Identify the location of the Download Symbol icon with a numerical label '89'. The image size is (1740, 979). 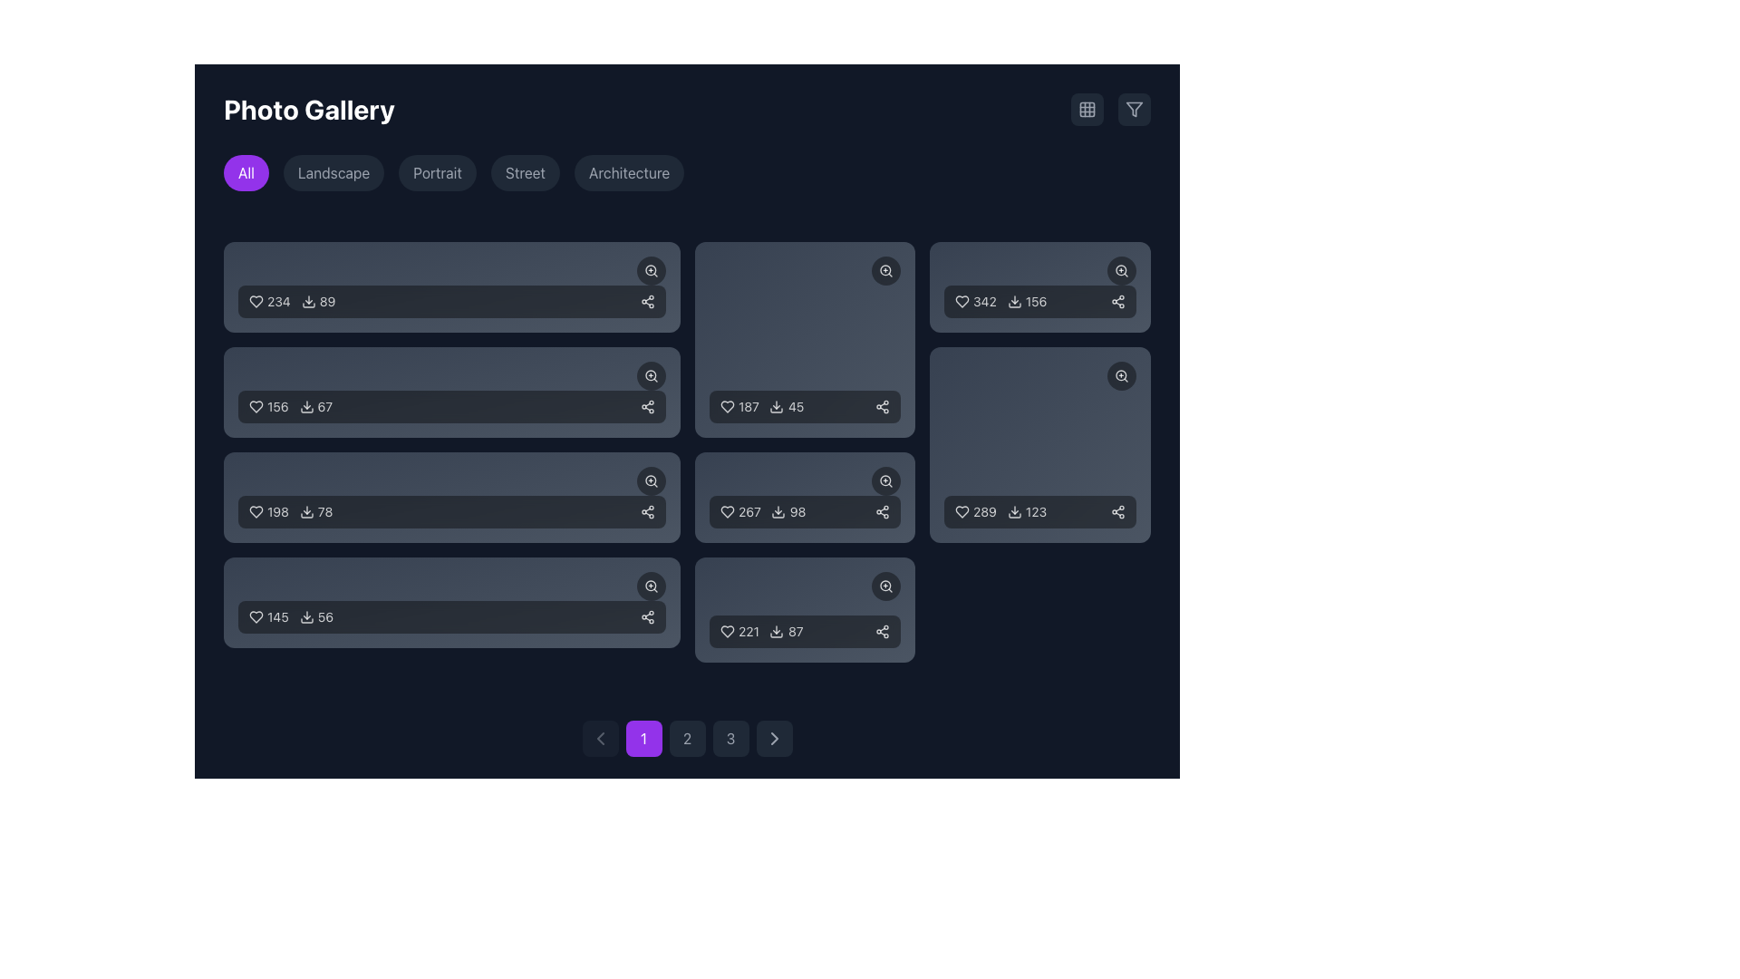
(308, 300).